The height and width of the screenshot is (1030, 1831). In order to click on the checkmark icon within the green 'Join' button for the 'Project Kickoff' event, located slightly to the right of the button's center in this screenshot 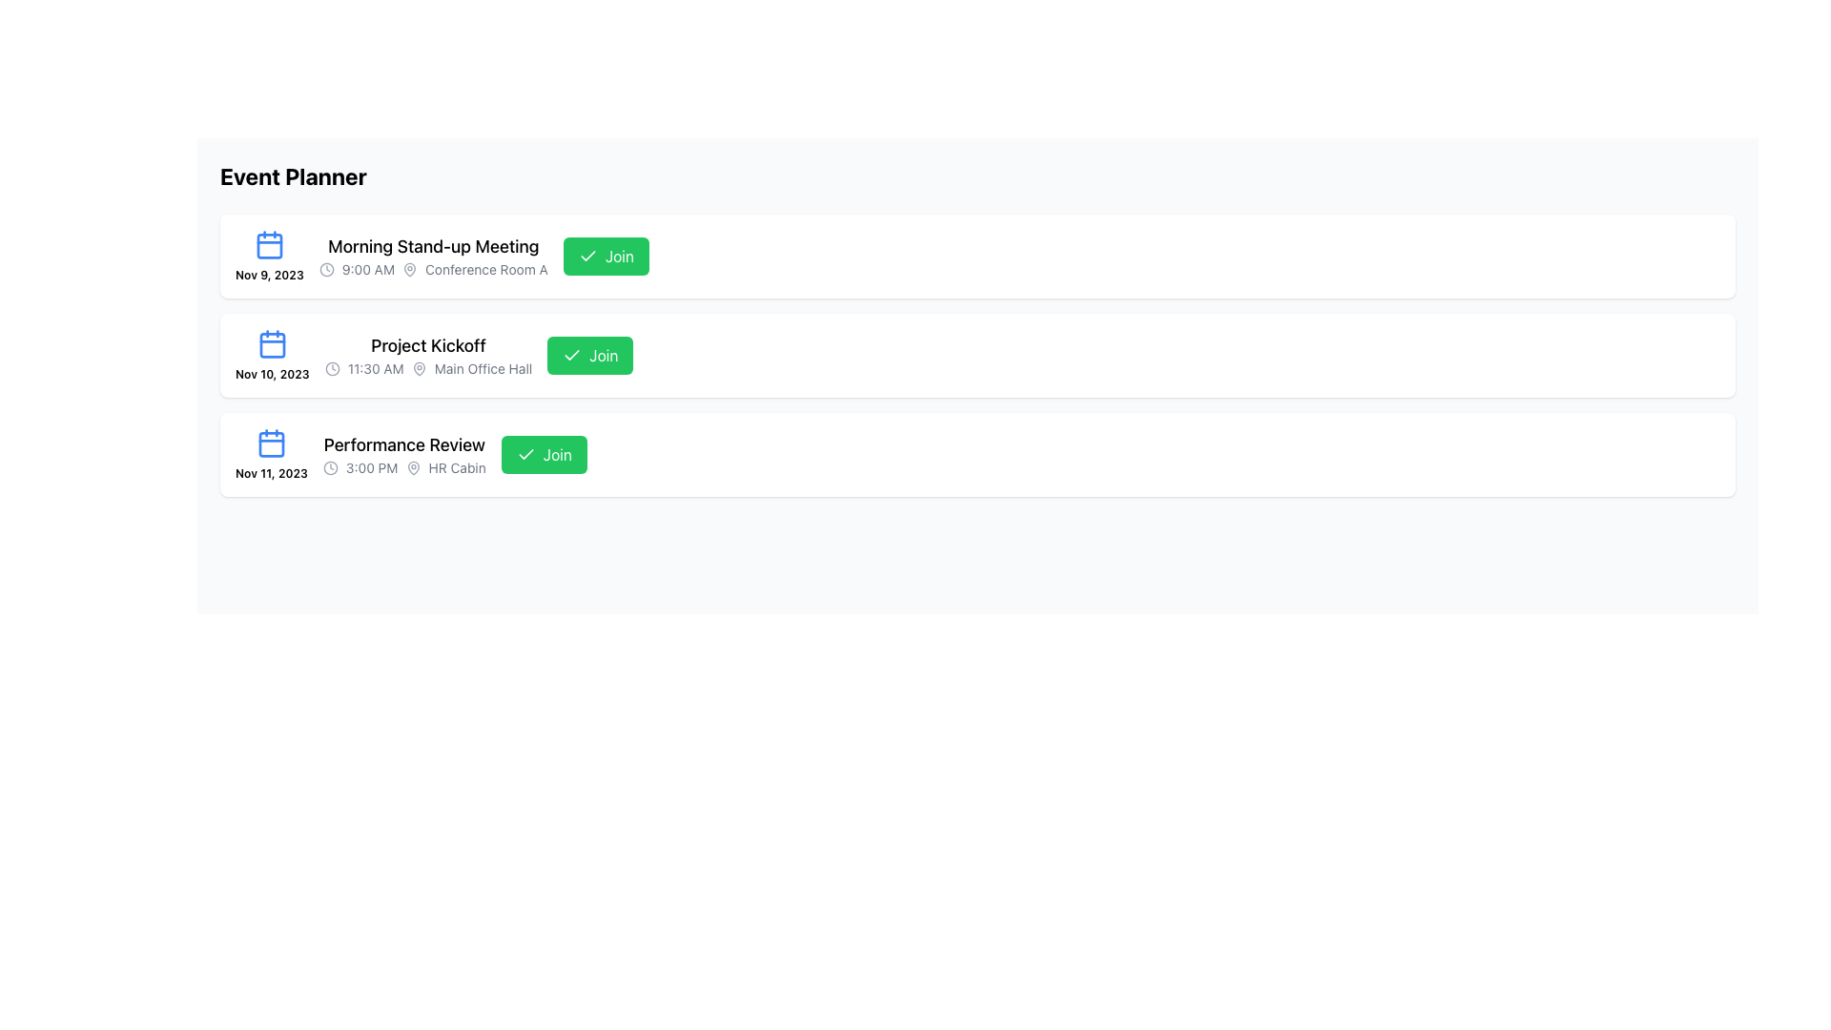, I will do `click(586, 255)`.